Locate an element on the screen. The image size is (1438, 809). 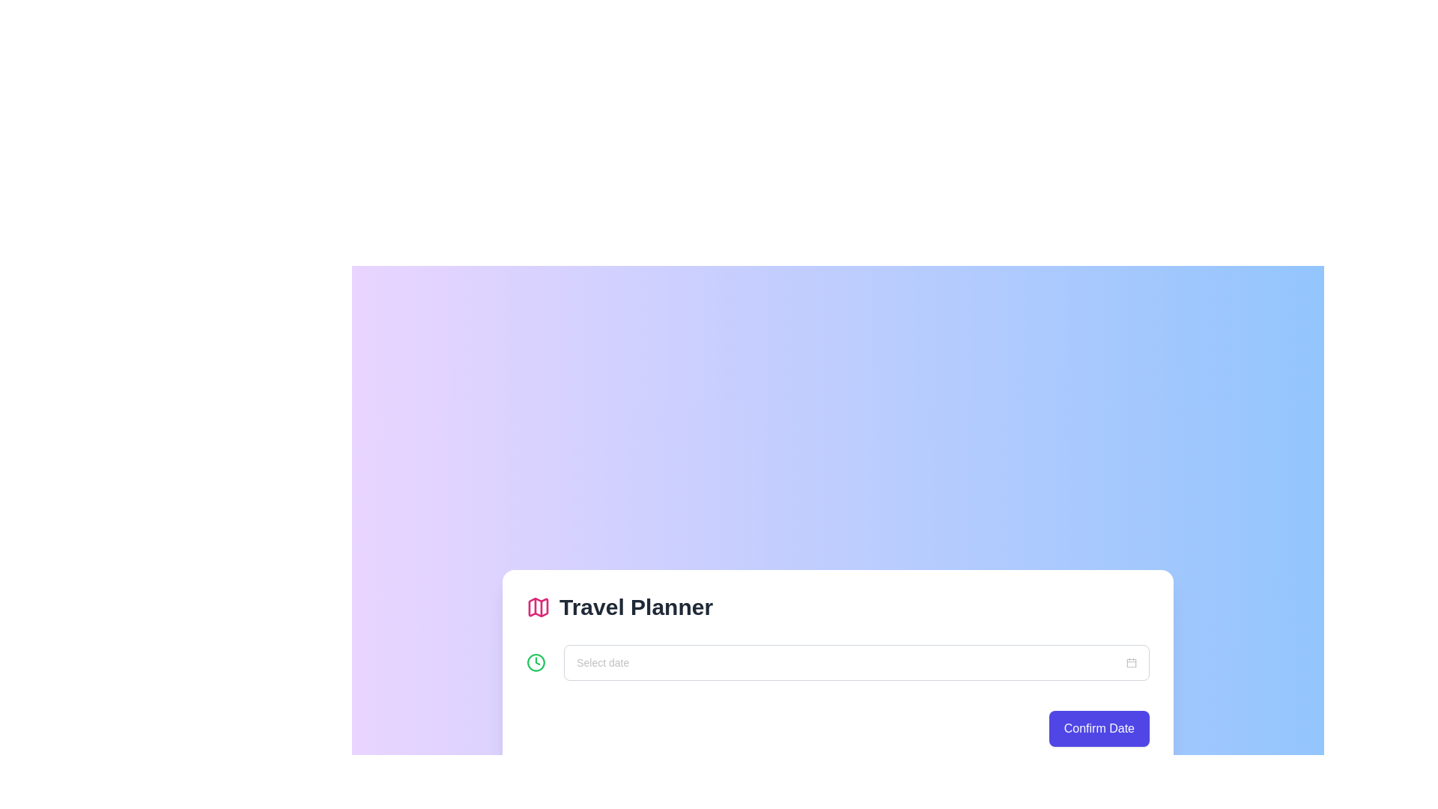
the Date picker input in the Travel Planner interface is located at coordinates (857, 661).